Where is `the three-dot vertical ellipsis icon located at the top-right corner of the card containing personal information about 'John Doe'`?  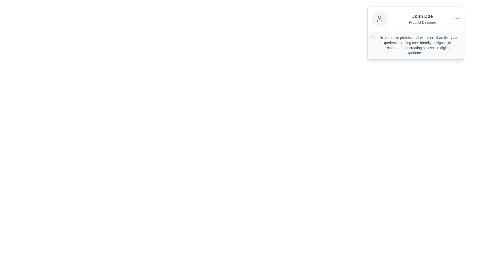 the three-dot vertical ellipsis icon located at the top-right corner of the card containing personal information about 'John Doe' is located at coordinates (456, 18).